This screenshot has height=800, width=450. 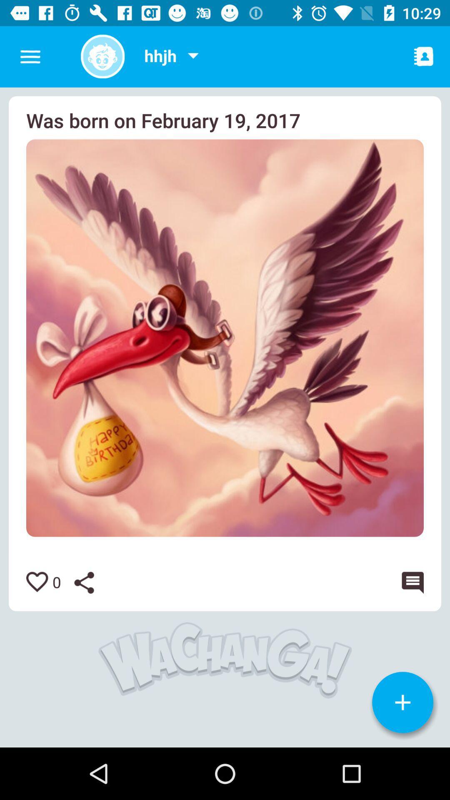 I want to click on more options, so click(x=193, y=56).